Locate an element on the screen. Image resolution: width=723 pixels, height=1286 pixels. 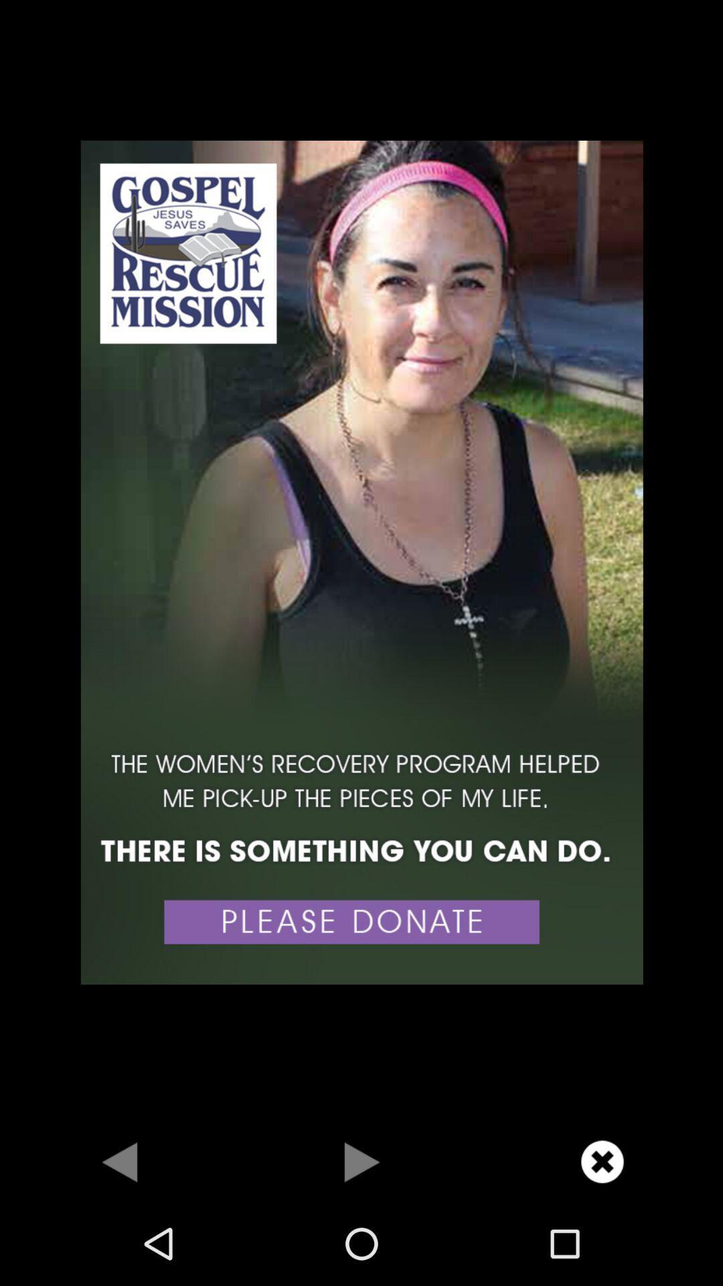
go forward is located at coordinates (361, 1161).